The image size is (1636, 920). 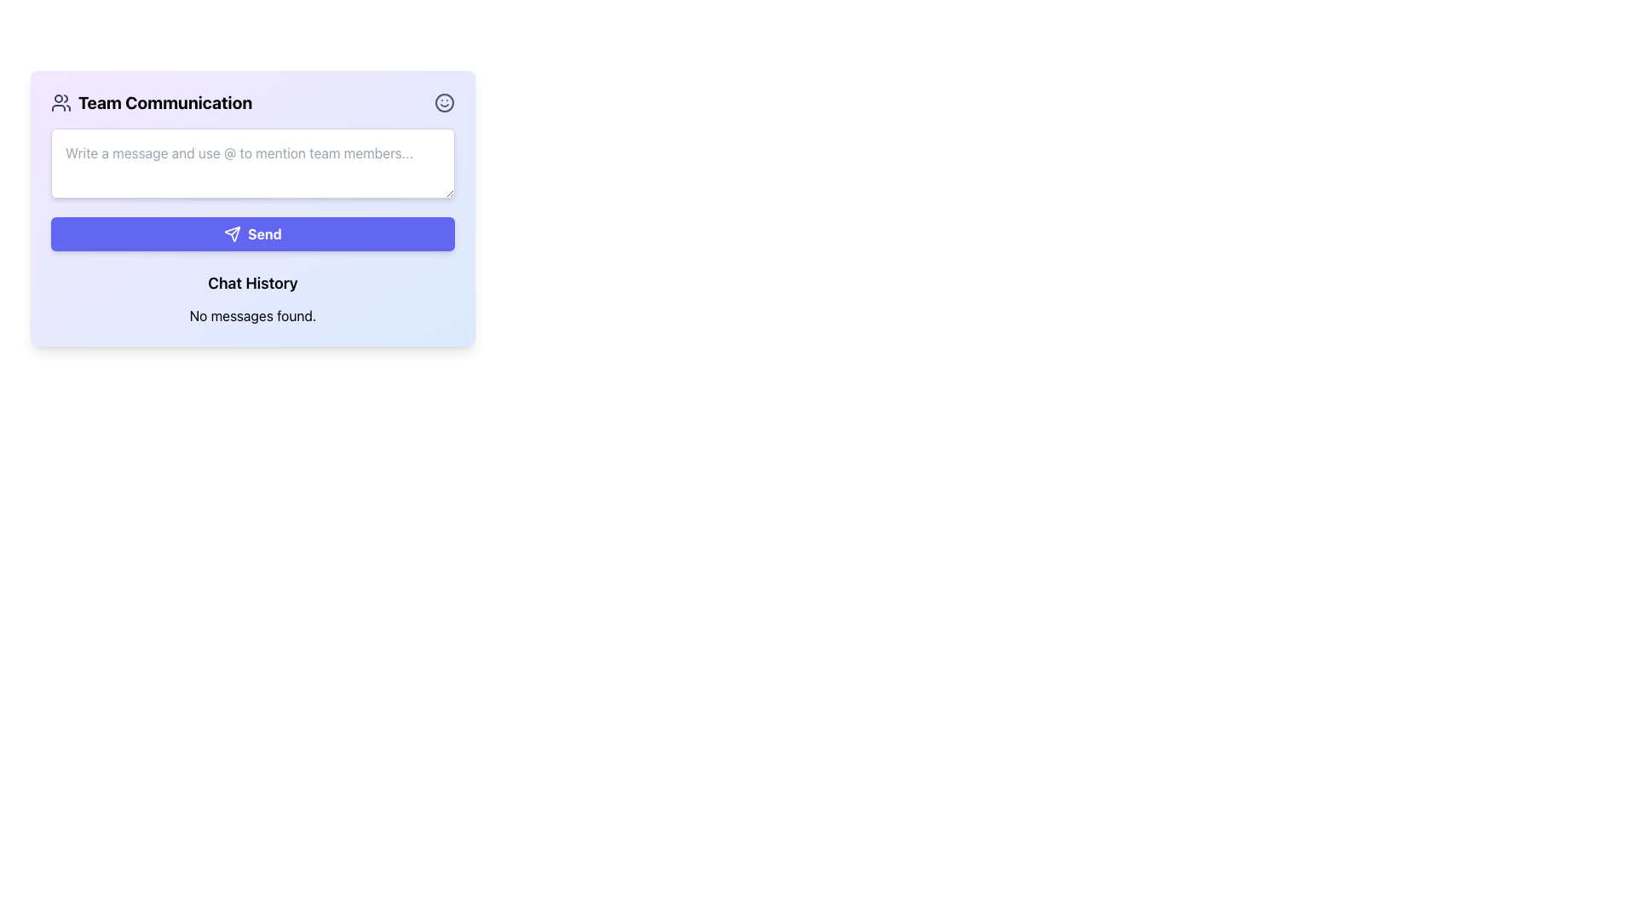 I want to click on the SVG Circle that represents an emoji-like icon in the chat communication interface, located adjacent to the title text 'Team Communication', so click(x=445, y=102).